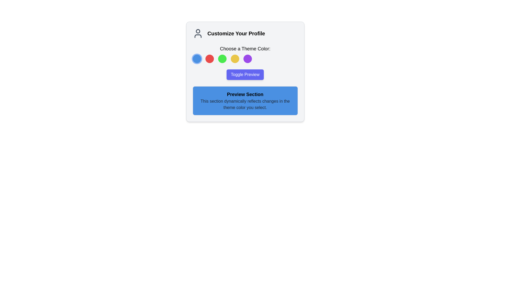  What do you see at coordinates (245, 101) in the screenshot?
I see `the 'Preview Section' informational area` at bounding box center [245, 101].